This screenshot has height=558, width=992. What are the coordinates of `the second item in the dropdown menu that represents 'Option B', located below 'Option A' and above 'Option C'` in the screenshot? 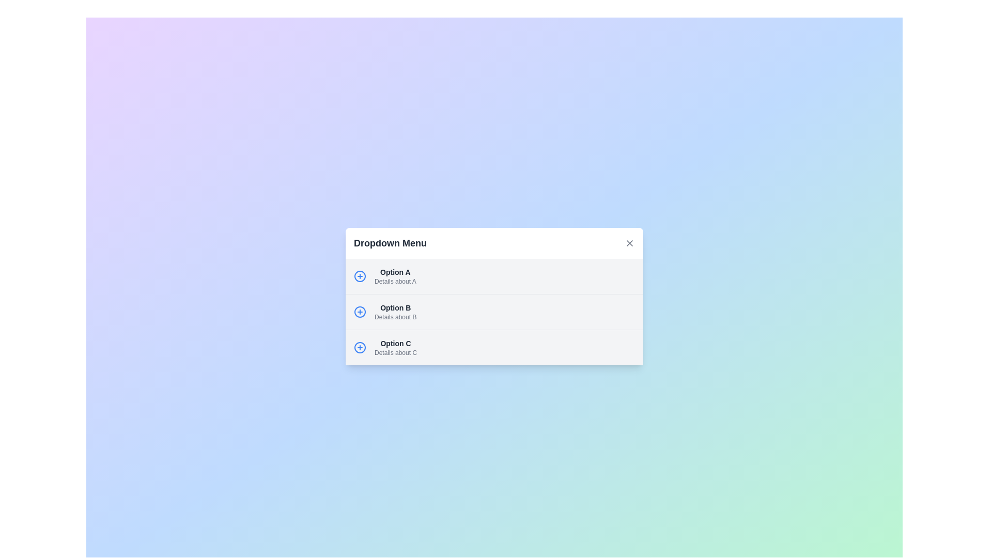 It's located at (493, 312).